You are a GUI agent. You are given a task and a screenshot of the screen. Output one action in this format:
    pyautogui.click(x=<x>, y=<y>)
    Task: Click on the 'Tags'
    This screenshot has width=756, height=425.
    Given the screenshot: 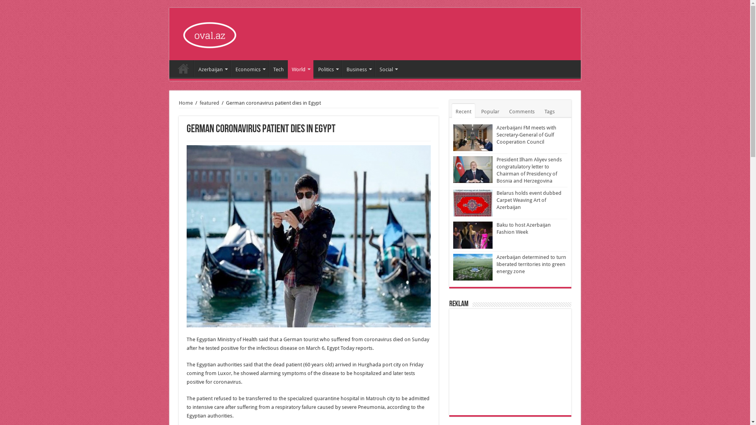 What is the action you would take?
    pyautogui.click(x=549, y=111)
    